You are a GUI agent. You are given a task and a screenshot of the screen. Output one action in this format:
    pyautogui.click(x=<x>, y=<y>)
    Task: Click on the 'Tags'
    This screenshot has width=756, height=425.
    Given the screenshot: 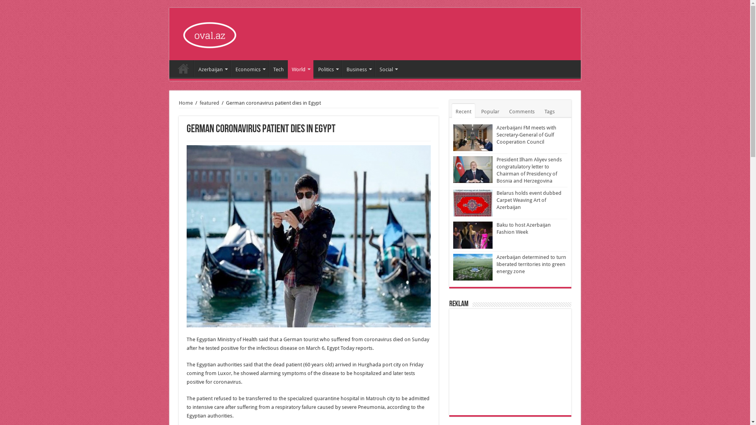 What is the action you would take?
    pyautogui.click(x=549, y=111)
    